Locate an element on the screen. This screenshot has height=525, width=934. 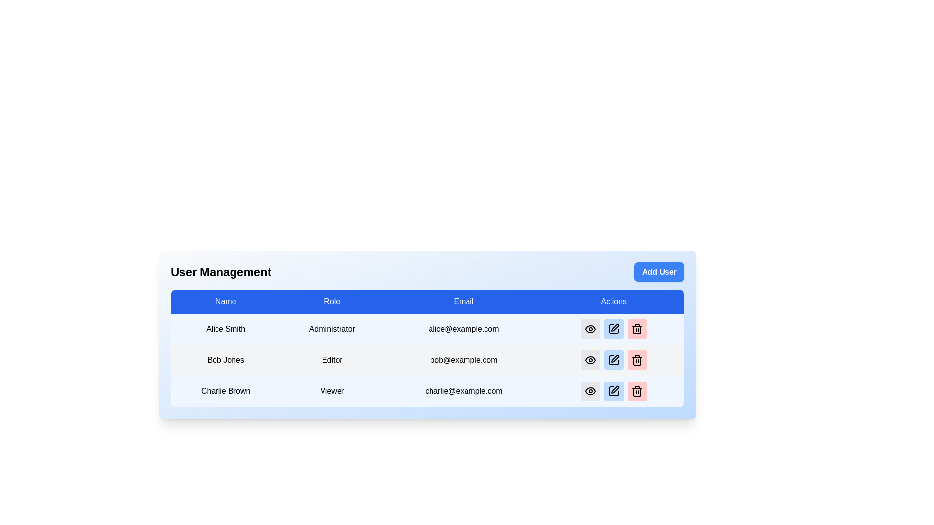
the 'Actions' header text element, which is styled with white text on a bright blue background and is prominently positioned at the top of the last column in a table layout is located at coordinates (613, 301).